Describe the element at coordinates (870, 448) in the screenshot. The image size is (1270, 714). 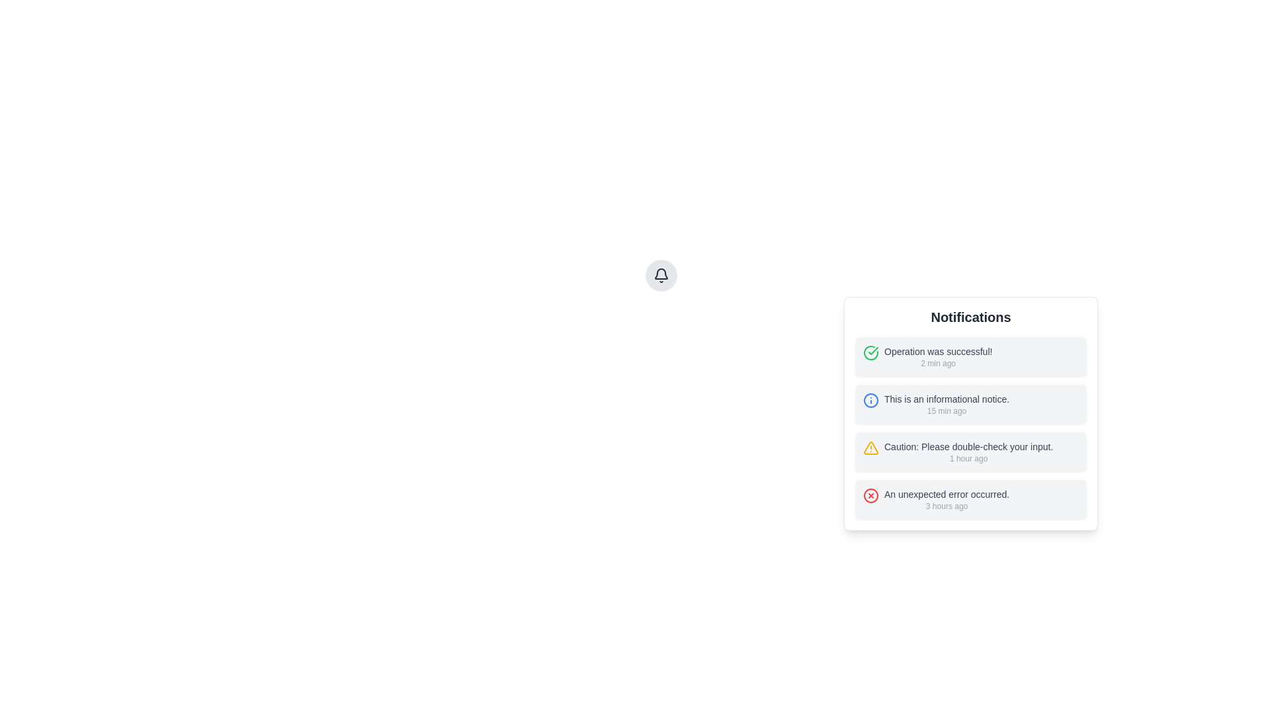
I see `the warning icon located in the notifications panel beside the message 'Caution: Please double-check your input.'` at that location.